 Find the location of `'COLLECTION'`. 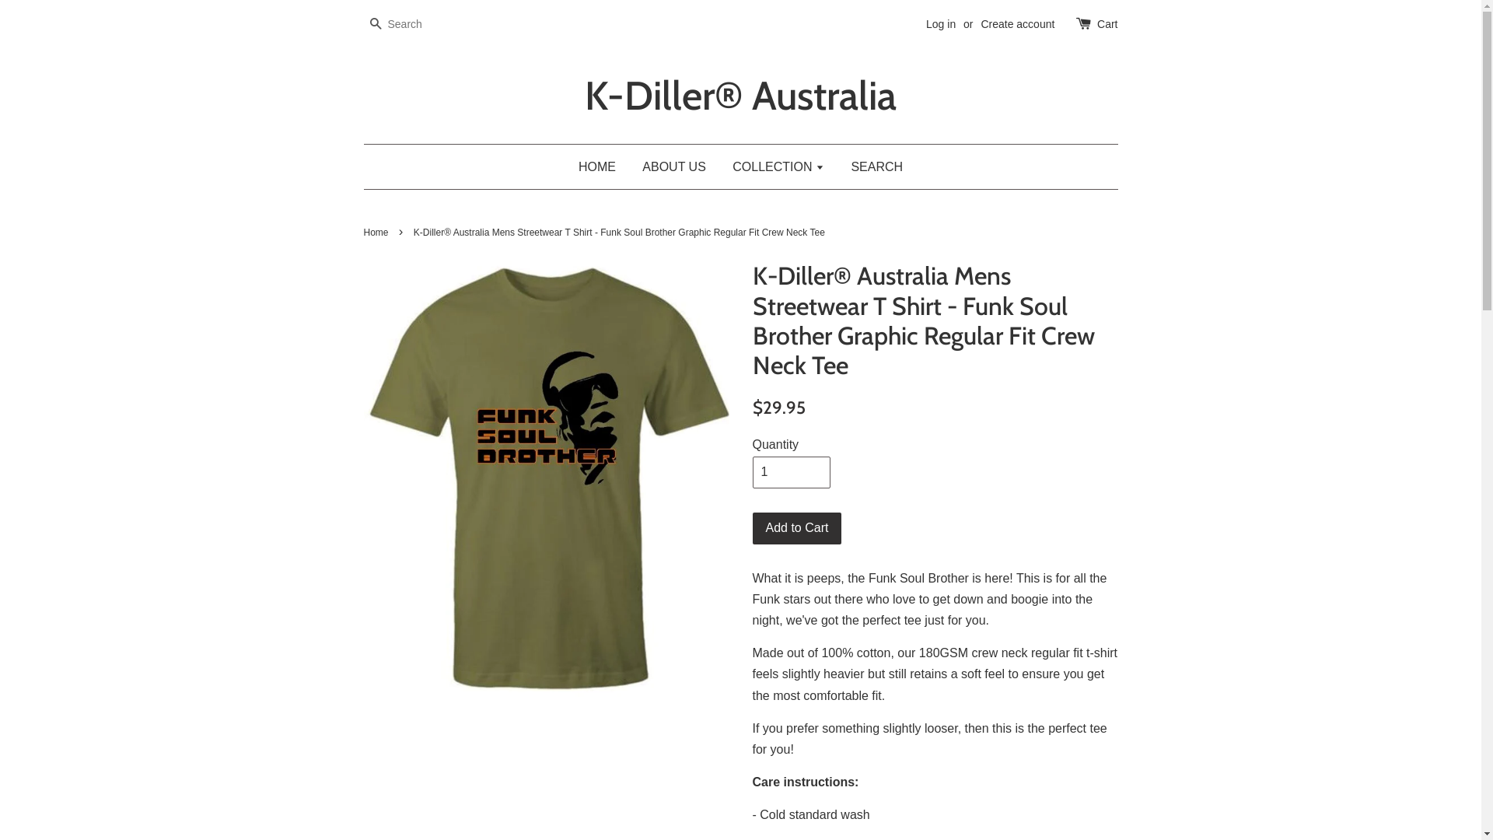

'COLLECTION' is located at coordinates (778, 166).